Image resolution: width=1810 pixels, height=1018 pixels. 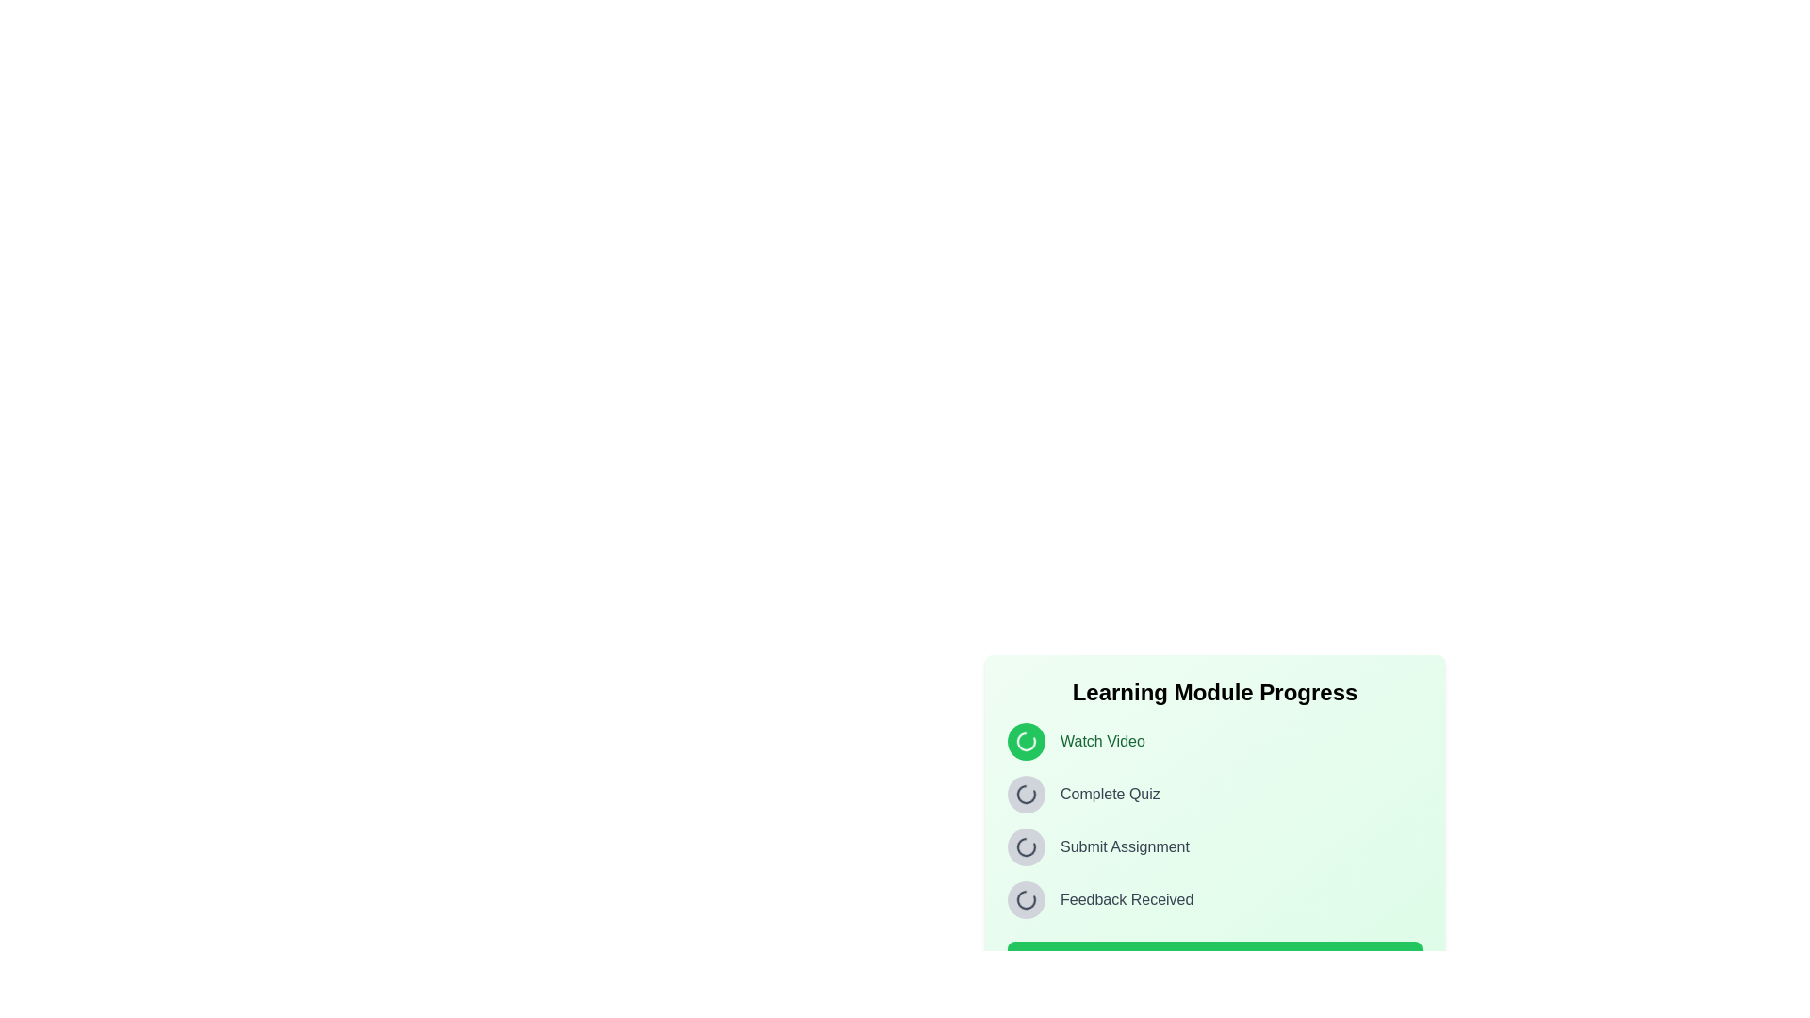 What do you see at coordinates (1215, 792) in the screenshot?
I see `the status panel located in the lower-right section of the interface, which displays the progression through a learning module, specifically the 'Complete Quiz' item` at bounding box center [1215, 792].